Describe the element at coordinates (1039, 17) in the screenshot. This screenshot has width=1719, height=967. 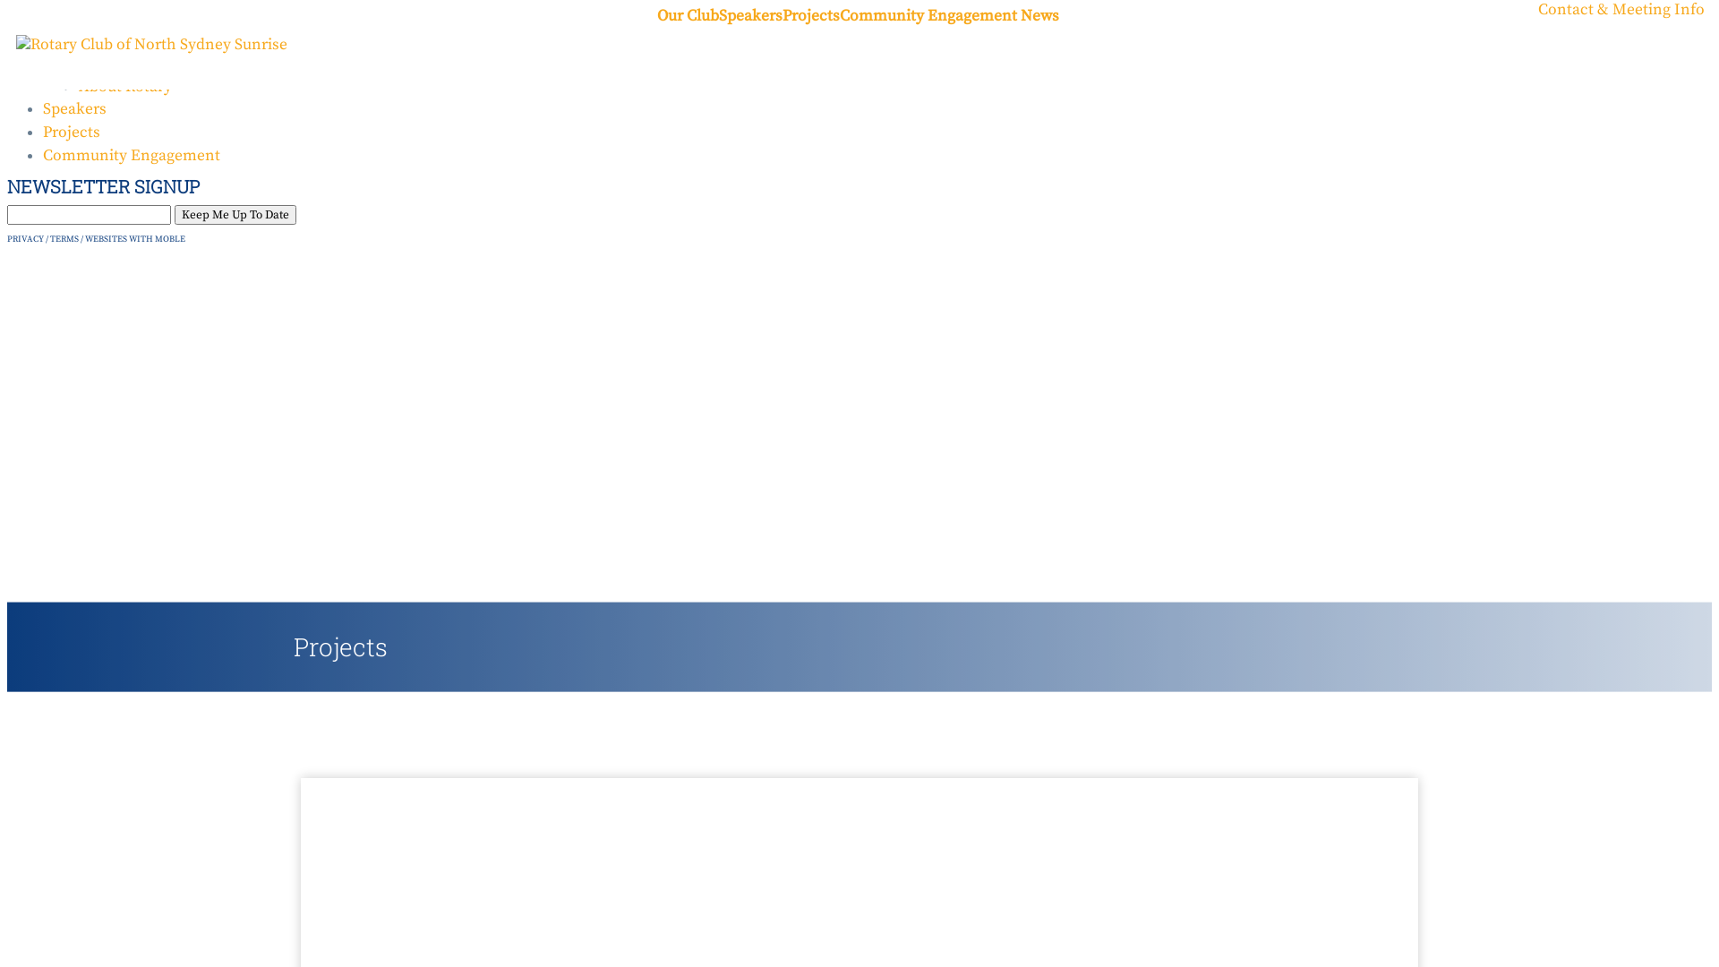
I see `'News'` at that location.